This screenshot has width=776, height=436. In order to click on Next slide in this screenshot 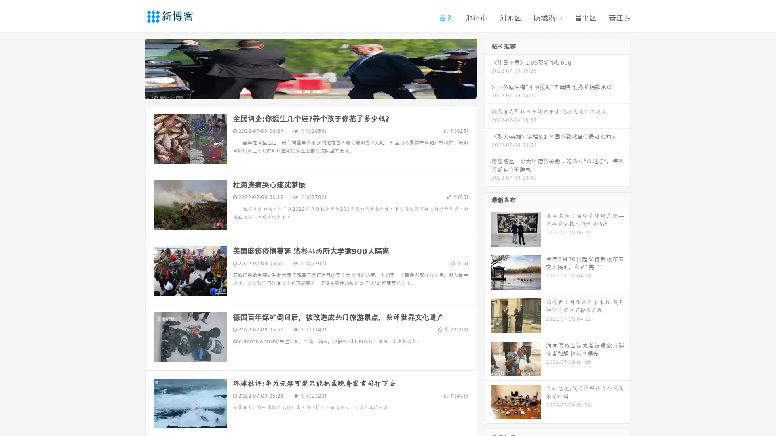, I will do `click(488, 68)`.